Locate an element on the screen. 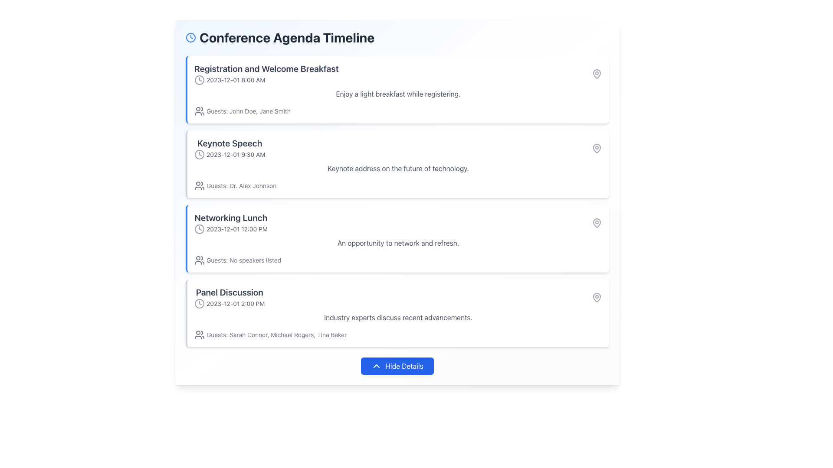 Image resolution: width=833 pixels, height=468 pixels. the small gray clock icon located in the fourth section labeled 'Panel Discussion' in the timeline interface, situated to the left of the text '2023-12-01 2:00 PM' is located at coordinates (199, 303).